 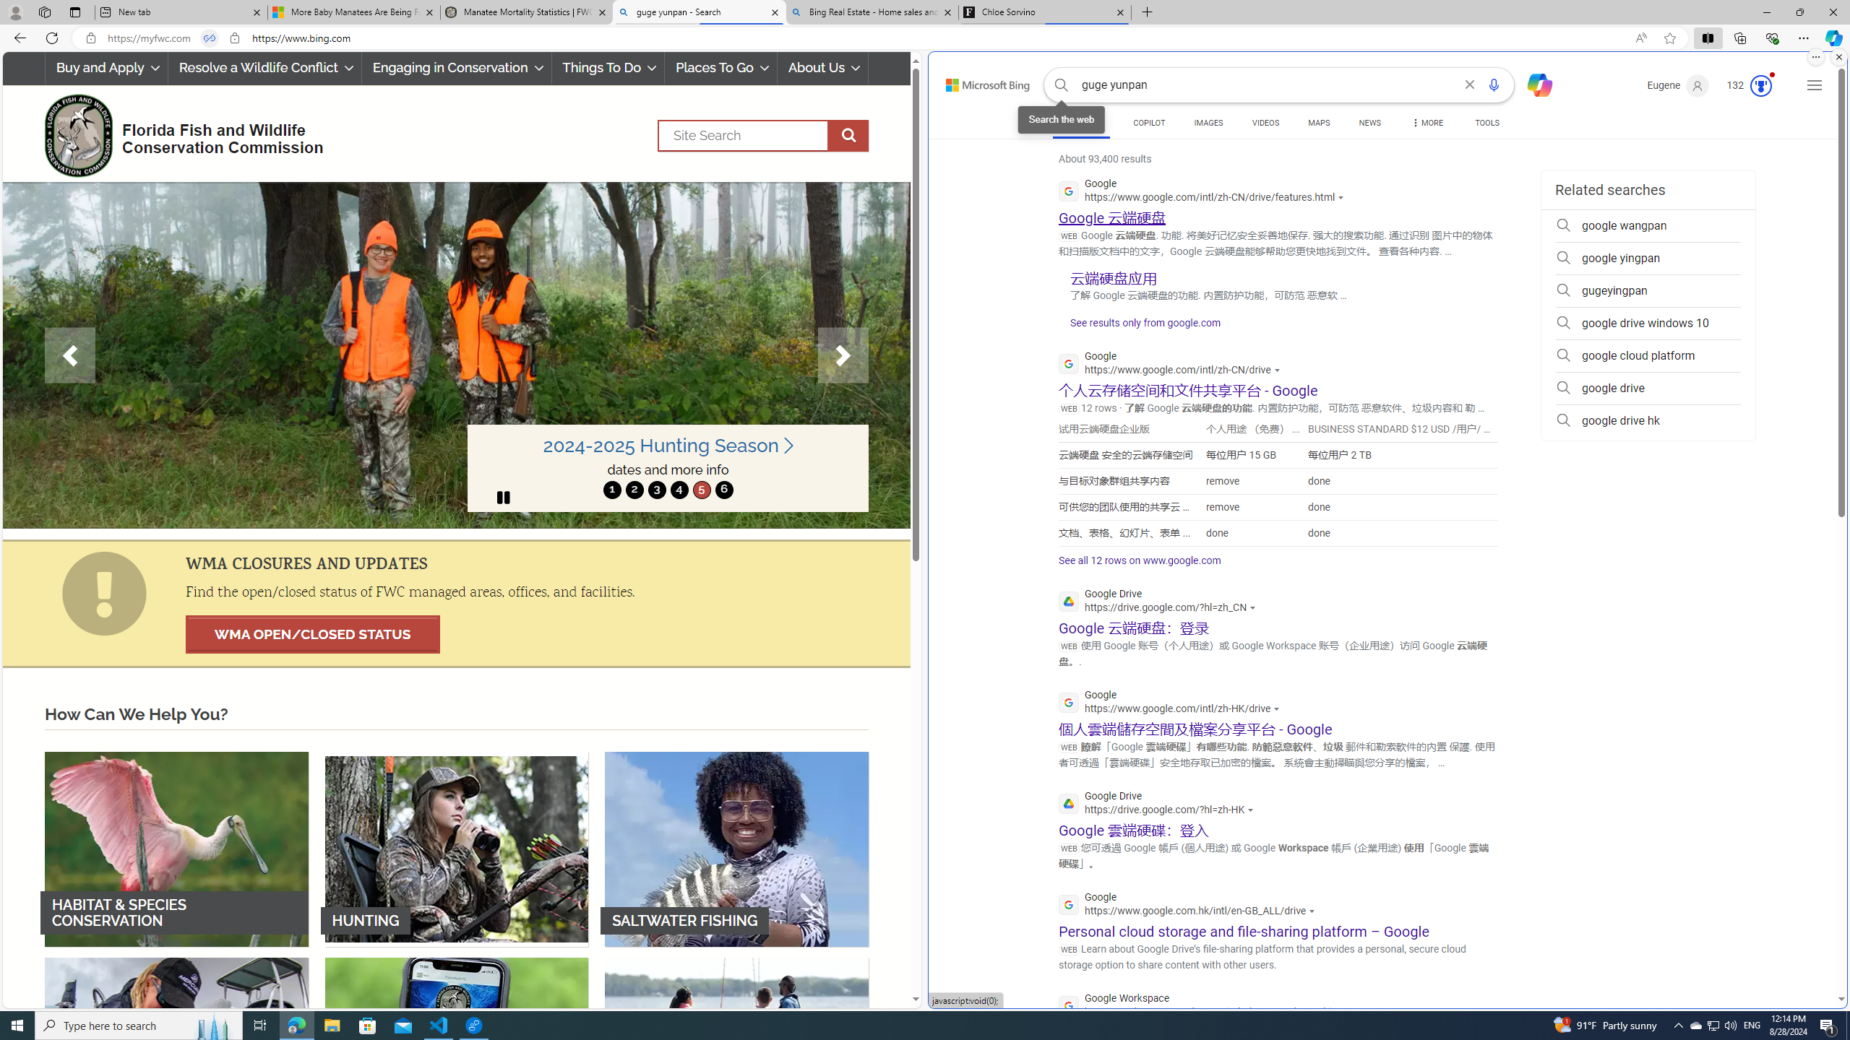 I want to click on 'IMAGES', so click(x=1208, y=124).